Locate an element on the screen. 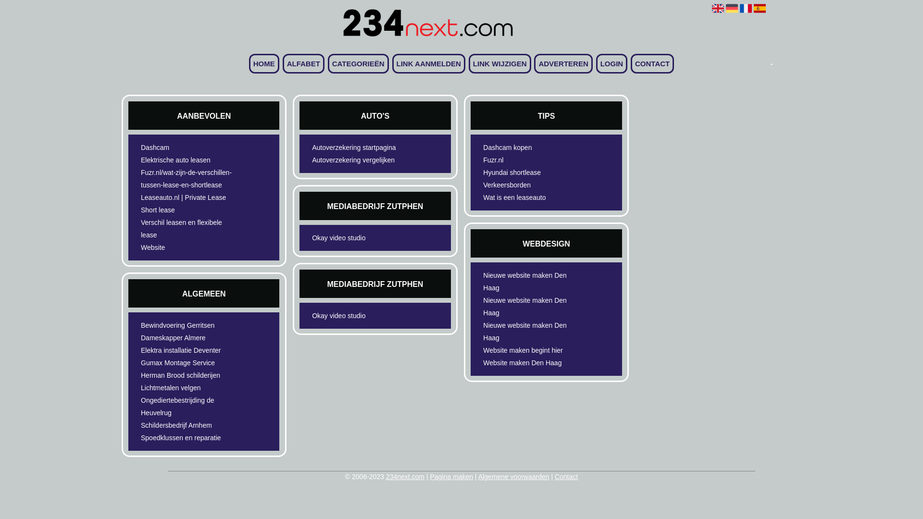 The height and width of the screenshot is (519, 923). 'Contact' is located at coordinates (566, 476).